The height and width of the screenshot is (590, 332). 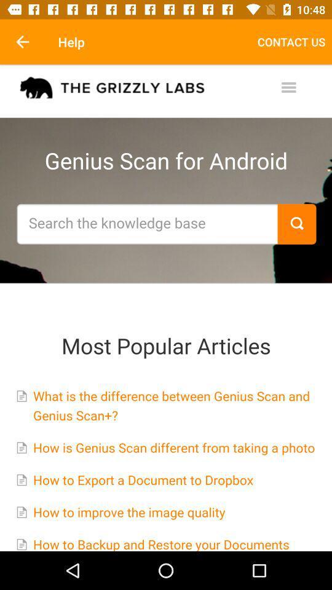 What do you see at coordinates (166, 307) in the screenshot?
I see `icon at the center` at bounding box center [166, 307].